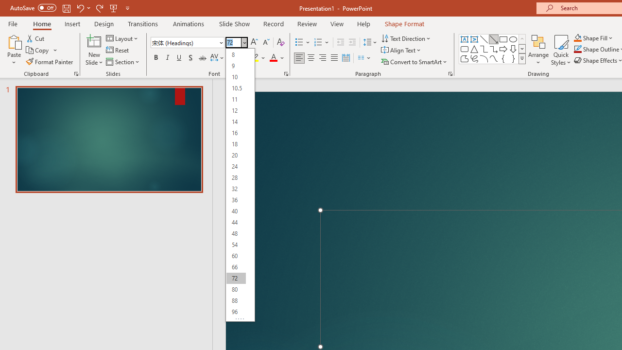 This screenshot has height=350, width=622. I want to click on '96', so click(236, 312).